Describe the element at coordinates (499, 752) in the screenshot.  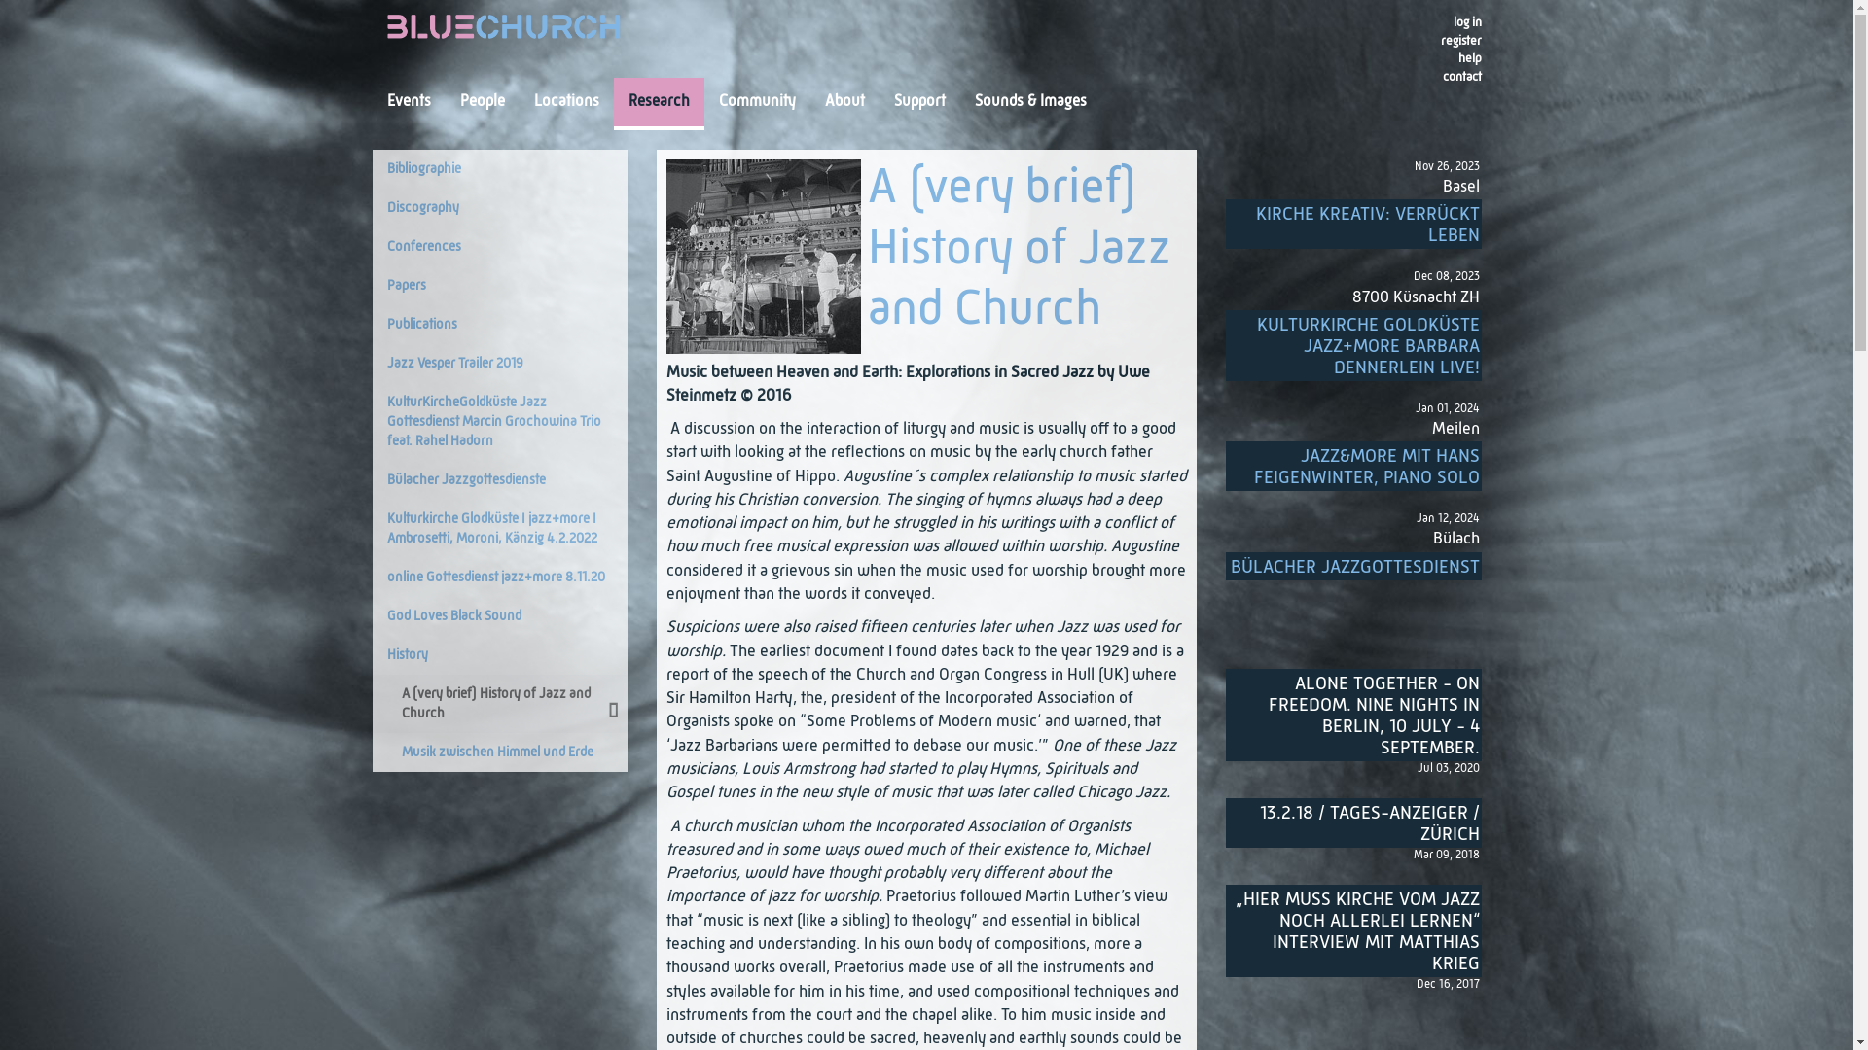
I see `'Musik zwischen Himmel und Erde'` at that location.